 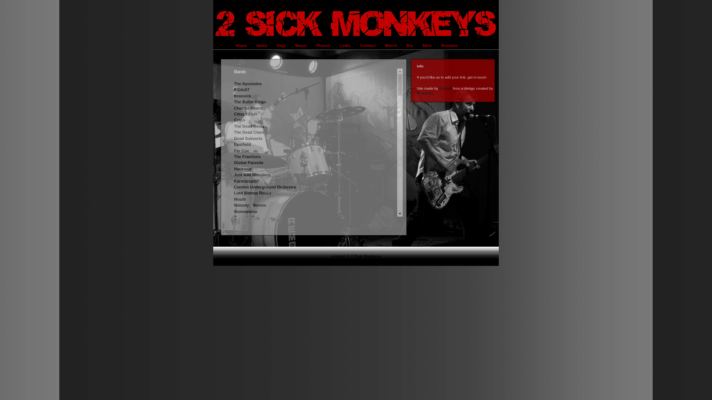 What do you see at coordinates (369, 45) in the screenshot?
I see `'Contact'` at bounding box center [369, 45].